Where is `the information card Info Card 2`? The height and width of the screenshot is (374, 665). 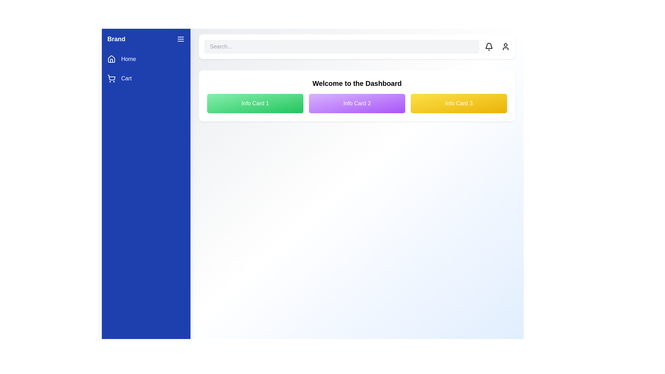
the information card Info Card 2 is located at coordinates (357, 104).